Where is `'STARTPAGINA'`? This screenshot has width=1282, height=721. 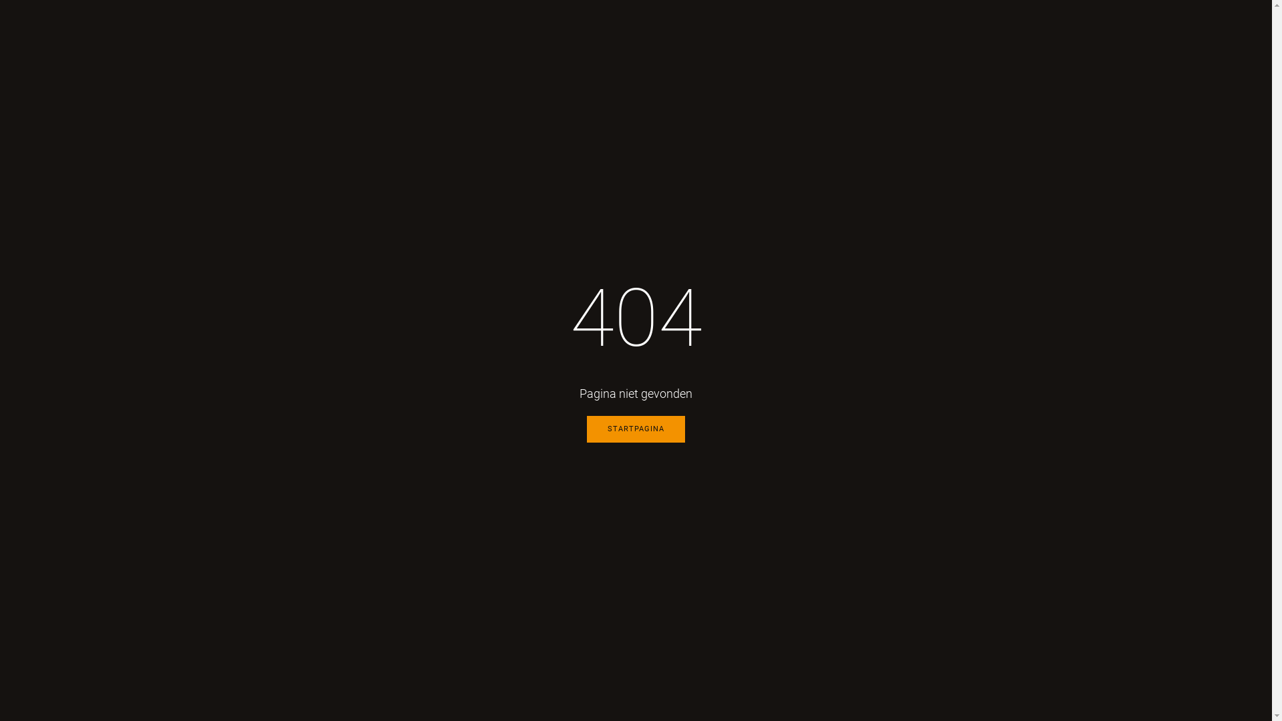 'STARTPAGINA' is located at coordinates (635, 429).